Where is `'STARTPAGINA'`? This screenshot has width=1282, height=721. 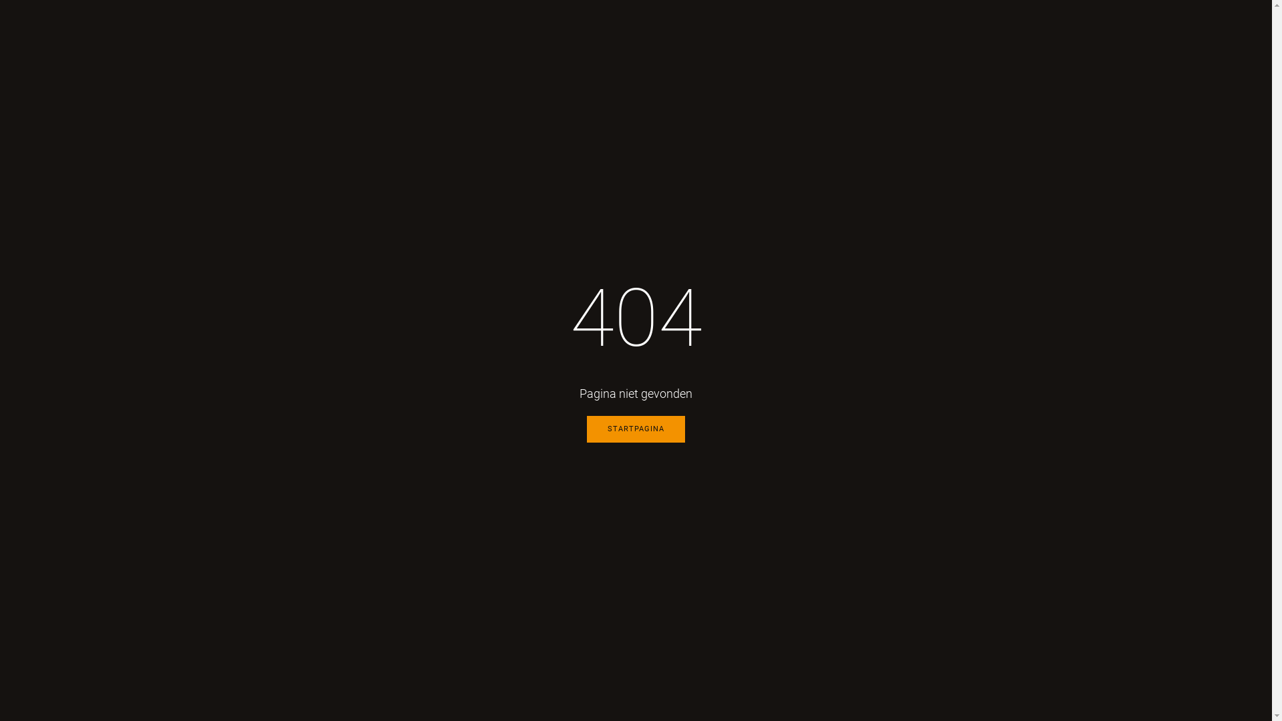 'STARTPAGINA' is located at coordinates (635, 429).